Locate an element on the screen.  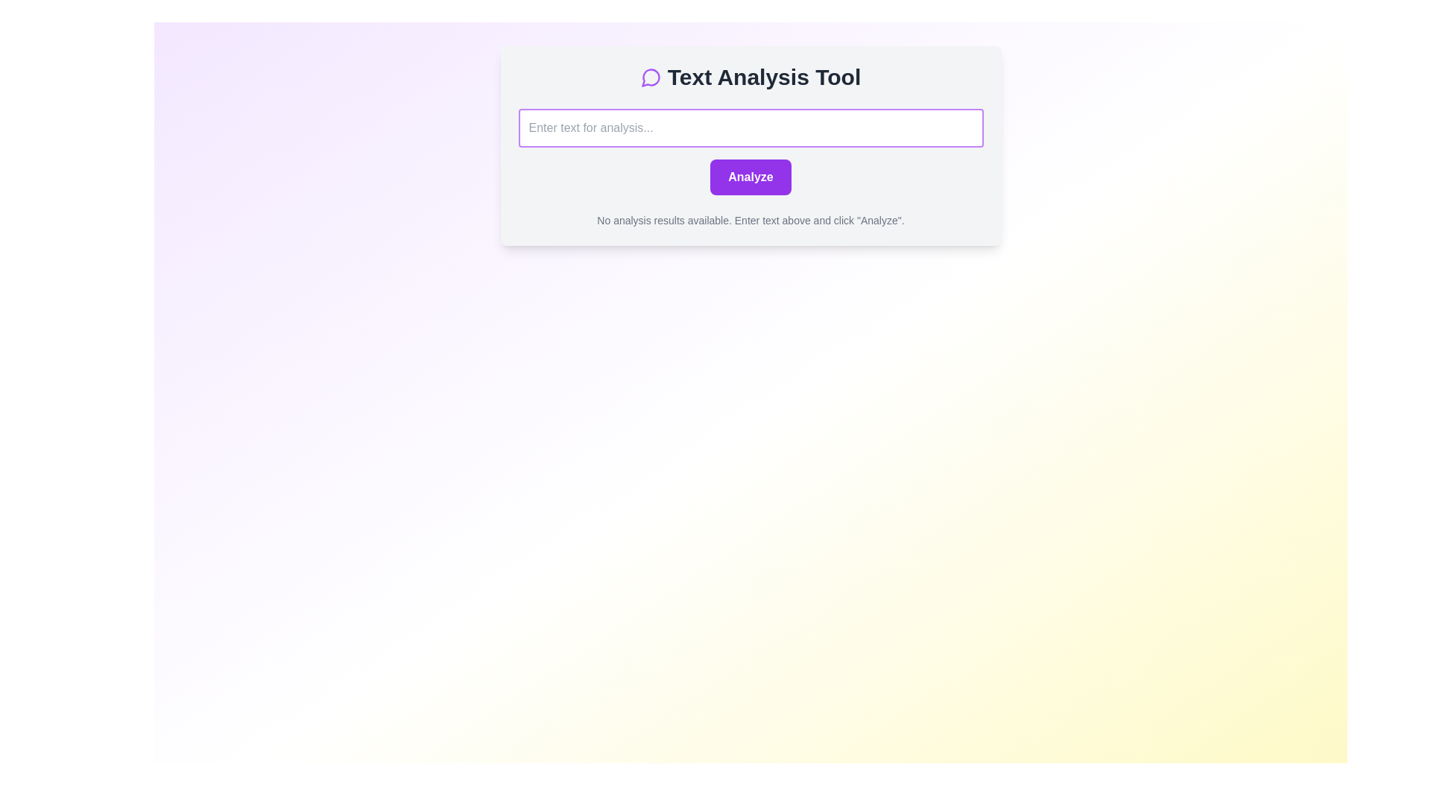
the rectangular button with a purple background and white text reading 'Analyze' to observe the animation effect is located at coordinates (751, 177).